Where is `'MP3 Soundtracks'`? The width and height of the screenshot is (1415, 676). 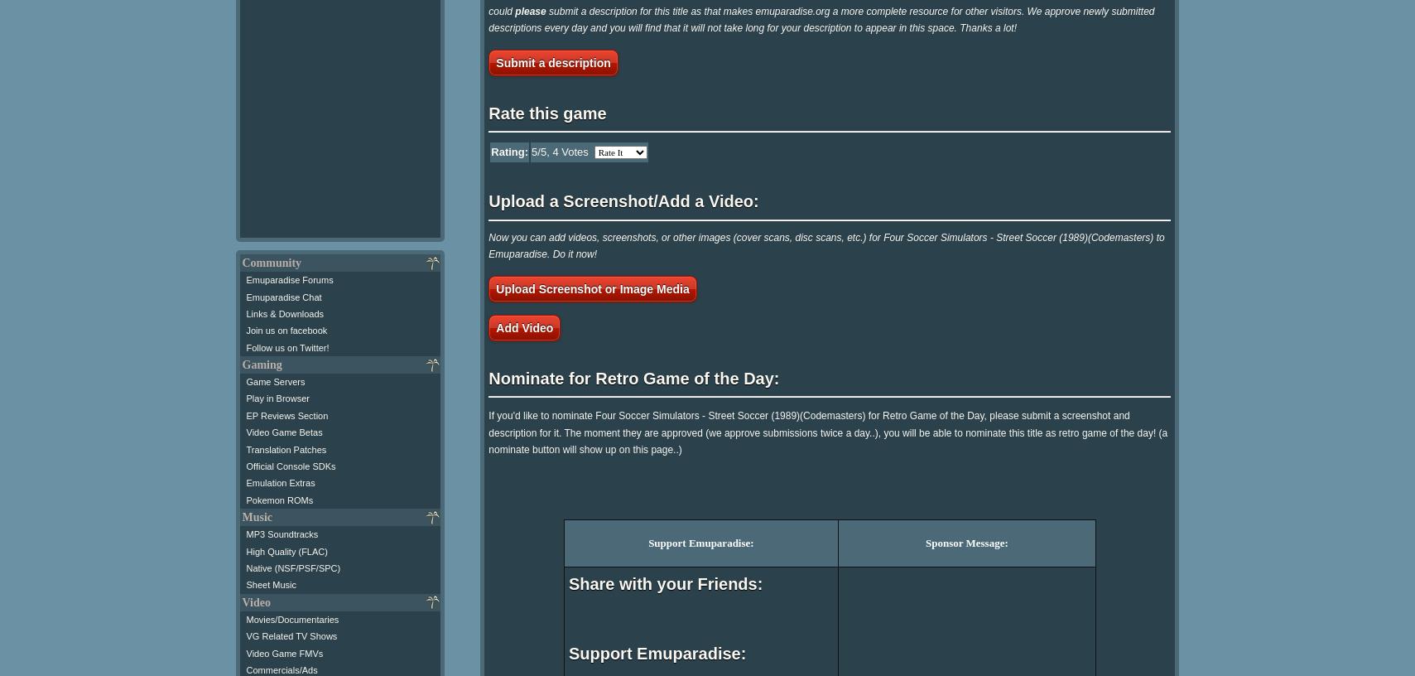 'MP3 Soundtracks' is located at coordinates (245, 533).